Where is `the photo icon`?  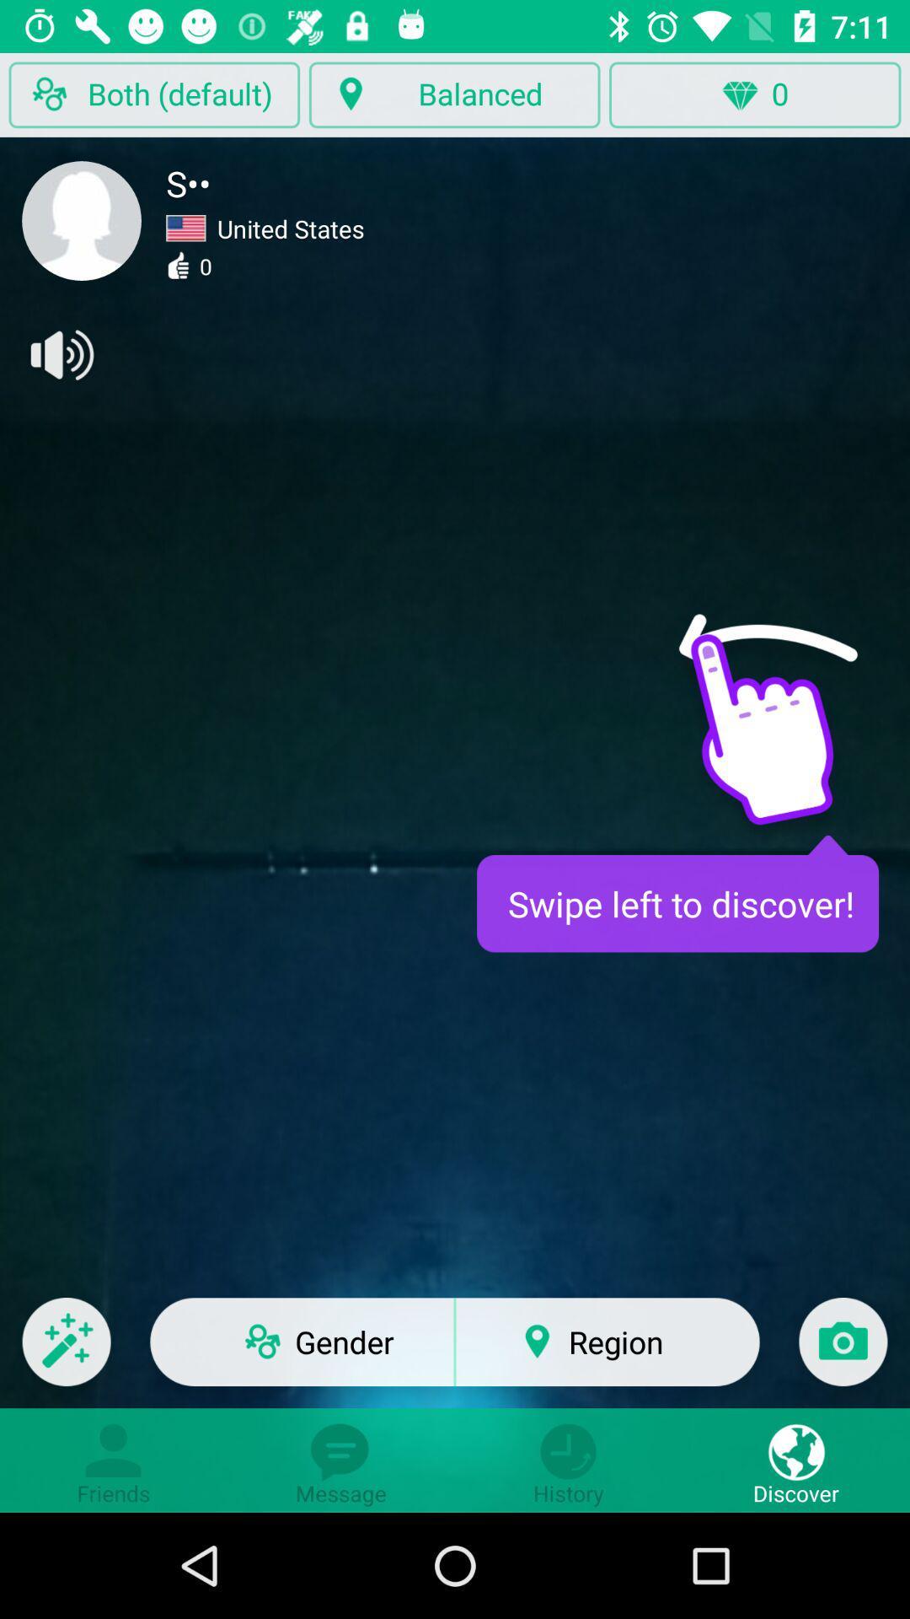
the photo icon is located at coordinates (843, 1353).